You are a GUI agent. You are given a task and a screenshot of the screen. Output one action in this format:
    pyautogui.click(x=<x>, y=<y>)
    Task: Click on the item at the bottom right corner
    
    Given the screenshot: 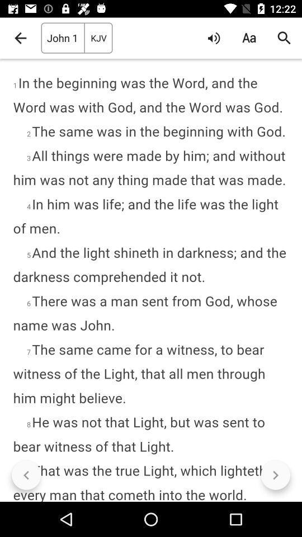 What is the action you would take?
    pyautogui.click(x=275, y=474)
    